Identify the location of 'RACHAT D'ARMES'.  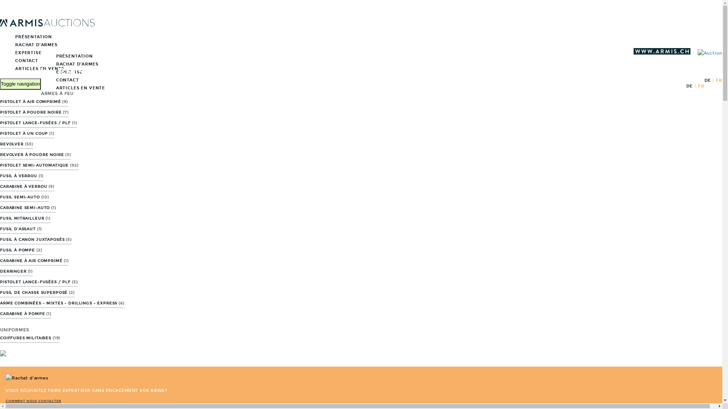
(29, 45).